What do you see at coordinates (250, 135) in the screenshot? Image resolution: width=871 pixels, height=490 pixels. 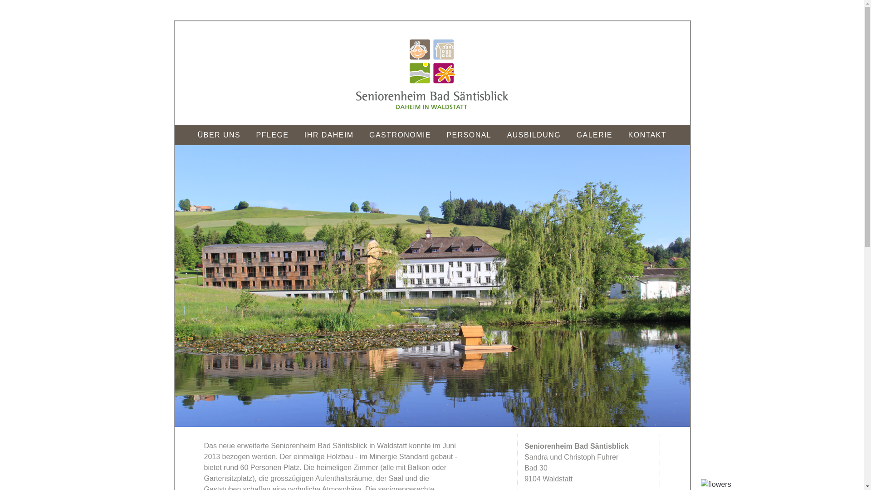 I see `'PFLEGE'` at bounding box center [250, 135].